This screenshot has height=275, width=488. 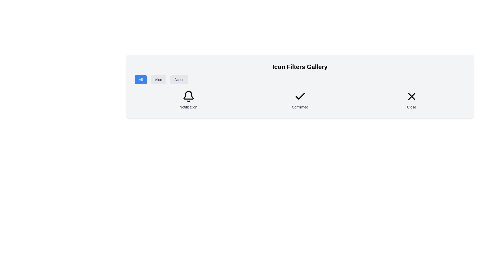 What do you see at coordinates (158, 79) in the screenshot?
I see `the 'Alert' button, which is a rectangular button with rounded corners, light gray background, and dark gray text, located in the upper-left region of the interface below the title` at bounding box center [158, 79].